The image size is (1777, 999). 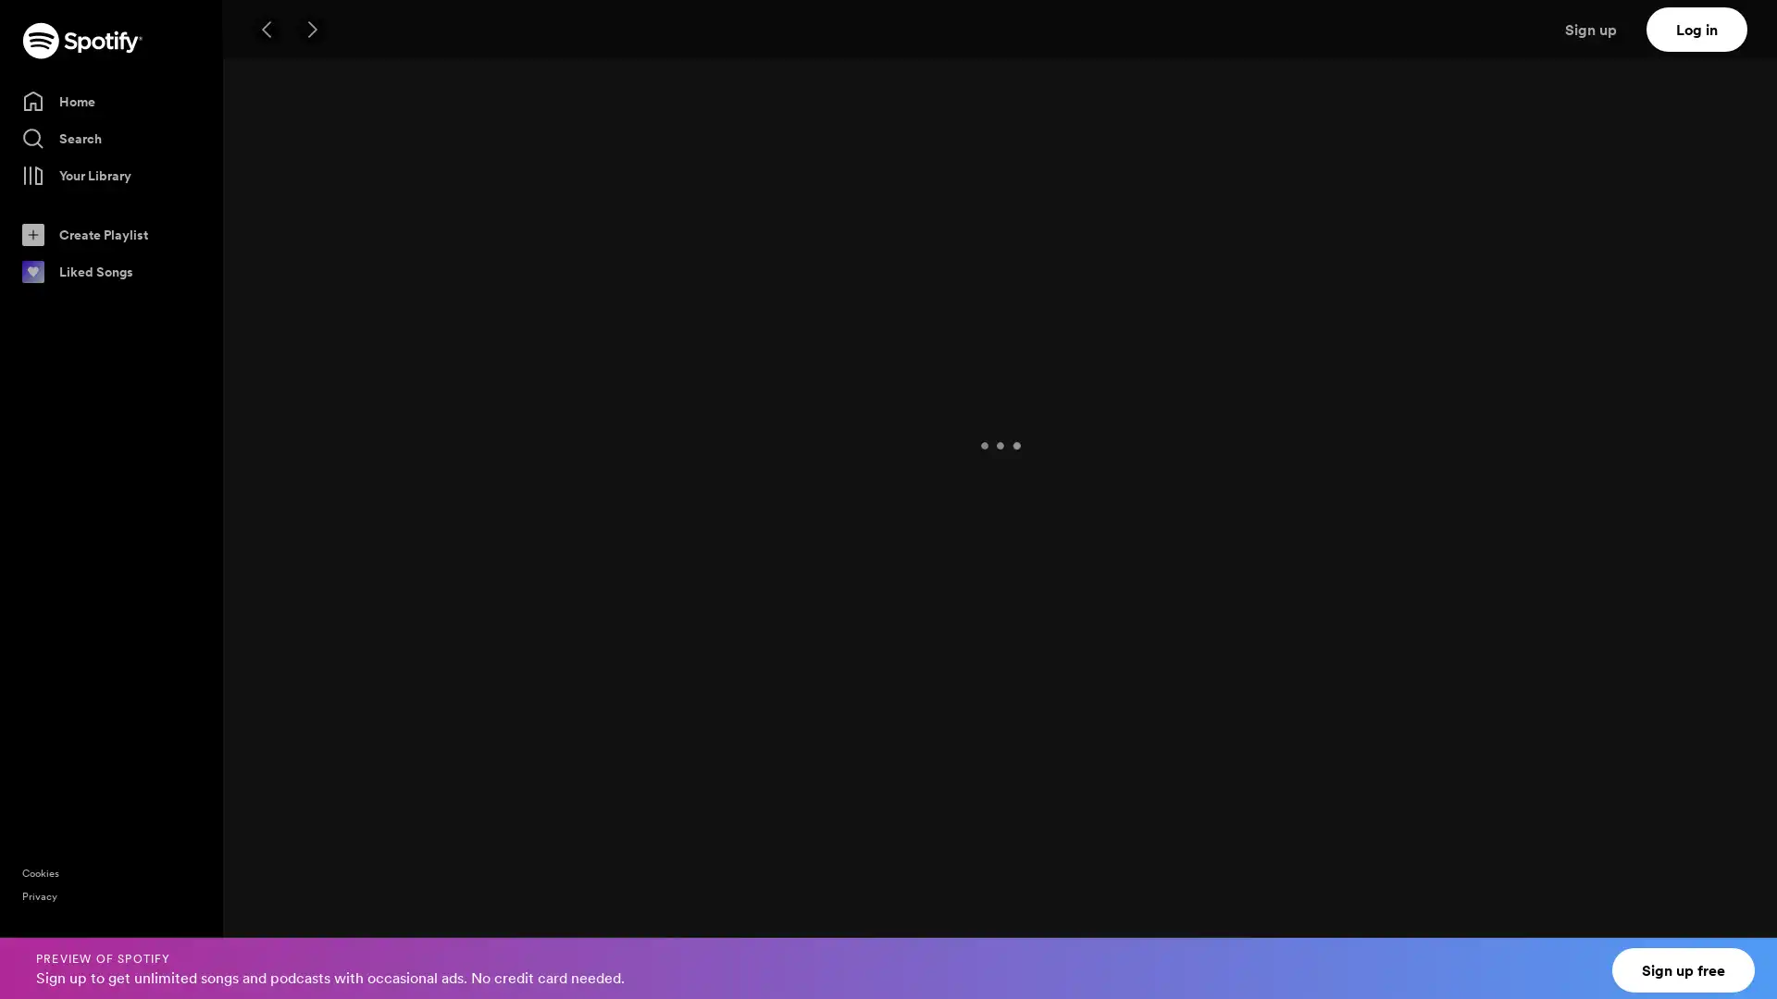 I want to click on Play Muddy Mudd, so click(x=373, y=883).